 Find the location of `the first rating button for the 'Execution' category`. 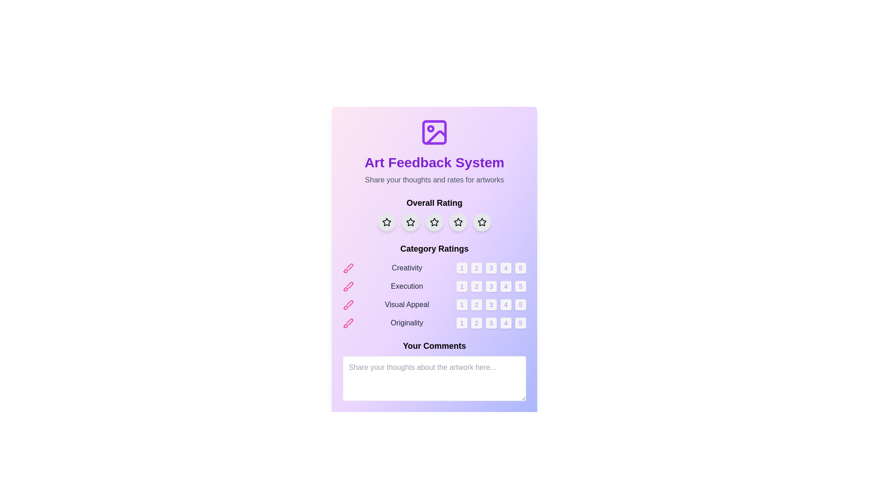

the first rating button for the 'Execution' category is located at coordinates (462, 286).